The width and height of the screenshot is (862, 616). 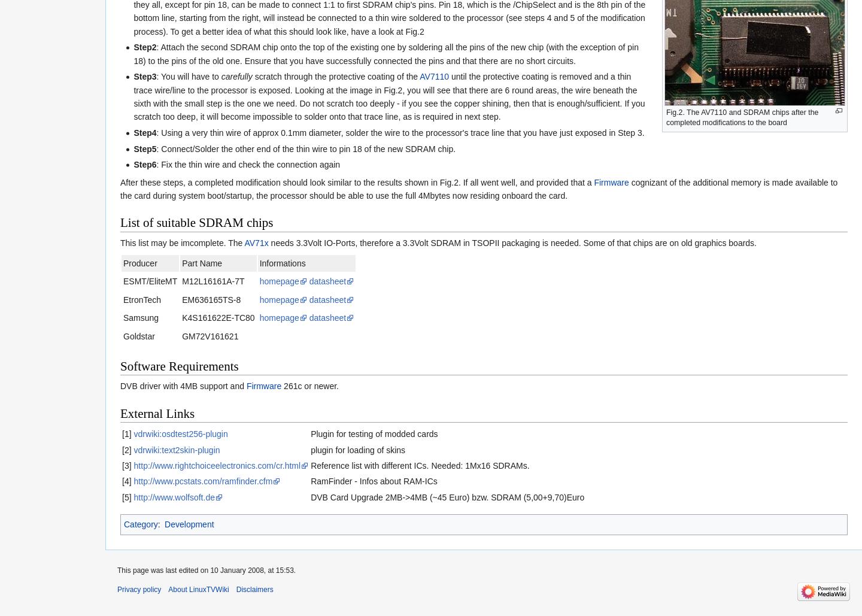 I want to click on 'Part Name', so click(x=202, y=263).